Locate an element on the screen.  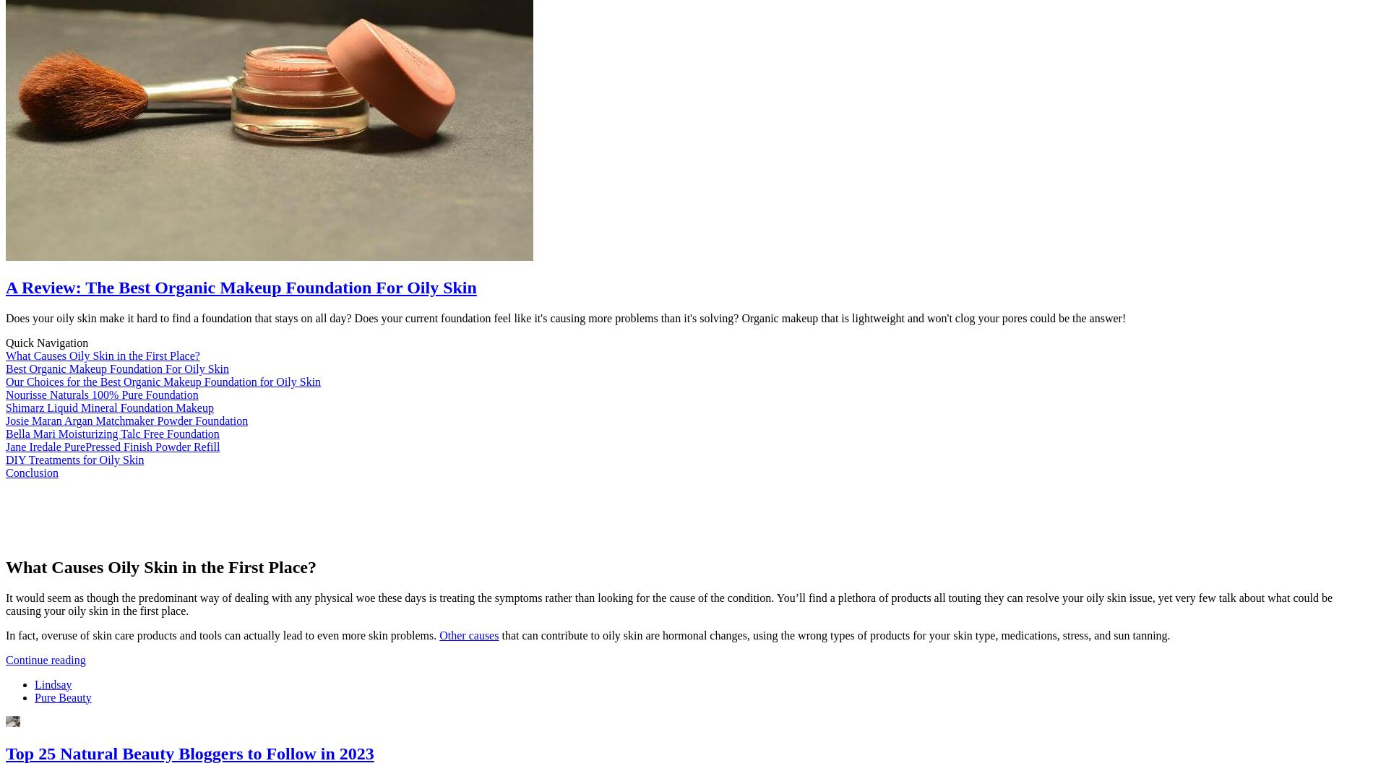
'Quick Navigation' is located at coordinates (46, 341).